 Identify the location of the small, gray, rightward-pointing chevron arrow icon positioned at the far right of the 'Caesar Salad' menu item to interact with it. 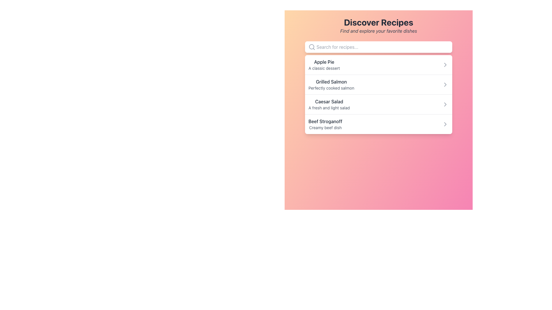
(445, 104).